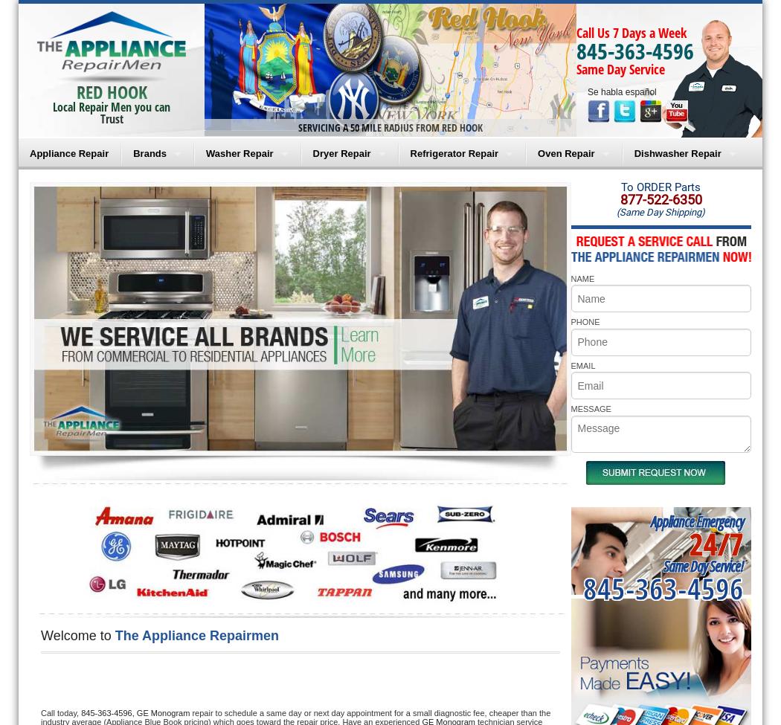  What do you see at coordinates (649, 520) in the screenshot?
I see `'Appliance Emergency'` at bounding box center [649, 520].